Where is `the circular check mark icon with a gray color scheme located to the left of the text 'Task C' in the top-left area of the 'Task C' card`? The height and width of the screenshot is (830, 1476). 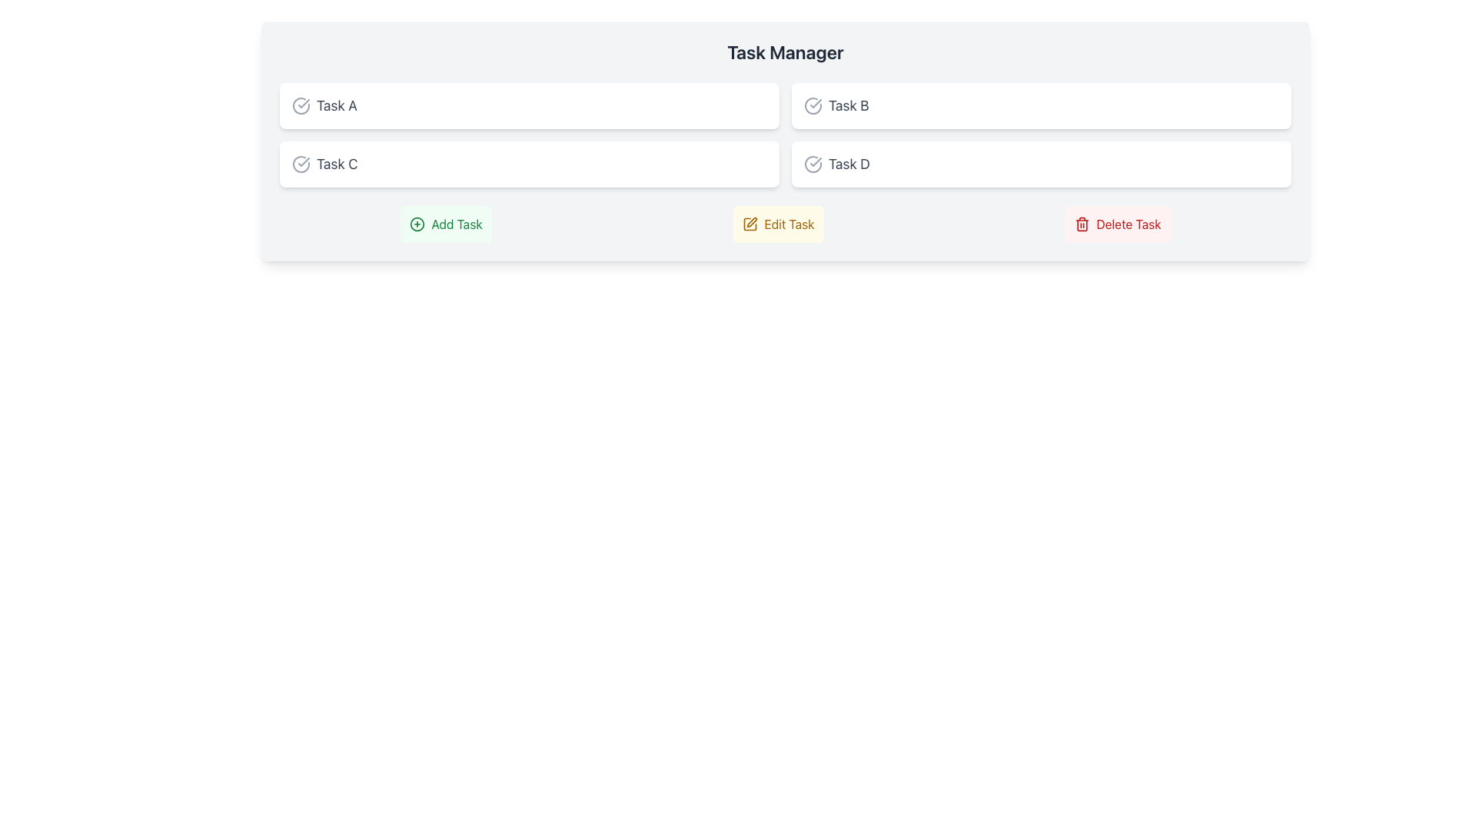 the circular check mark icon with a gray color scheme located to the left of the text 'Task C' in the top-left area of the 'Task C' card is located at coordinates (301, 164).